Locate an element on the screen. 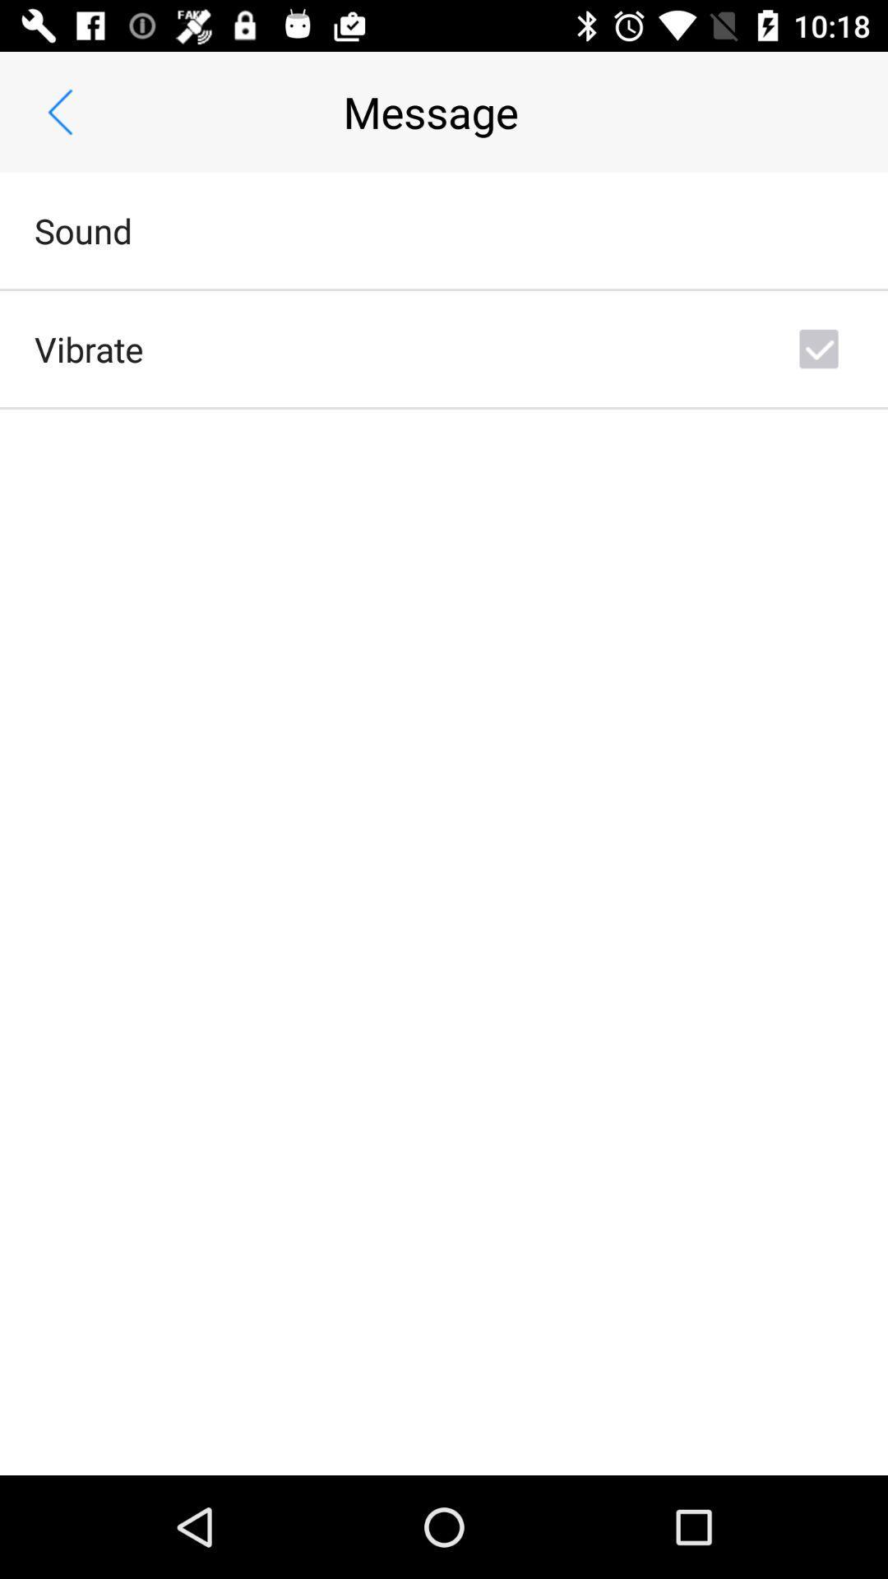  vibrate is located at coordinates (89, 348).